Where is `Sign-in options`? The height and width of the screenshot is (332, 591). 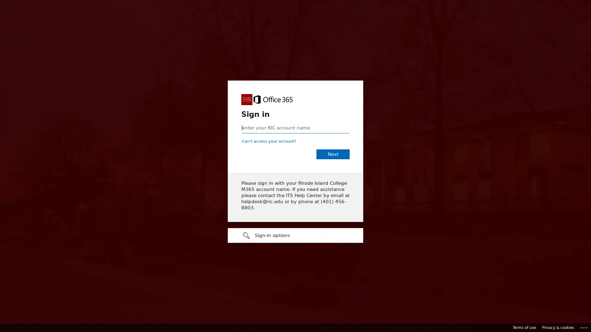
Sign-in options is located at coordinates (295, 235).